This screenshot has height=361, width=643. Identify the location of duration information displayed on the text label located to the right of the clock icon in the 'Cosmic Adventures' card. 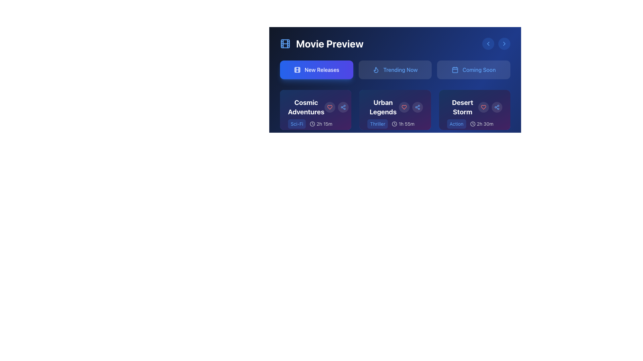
(324, 124).